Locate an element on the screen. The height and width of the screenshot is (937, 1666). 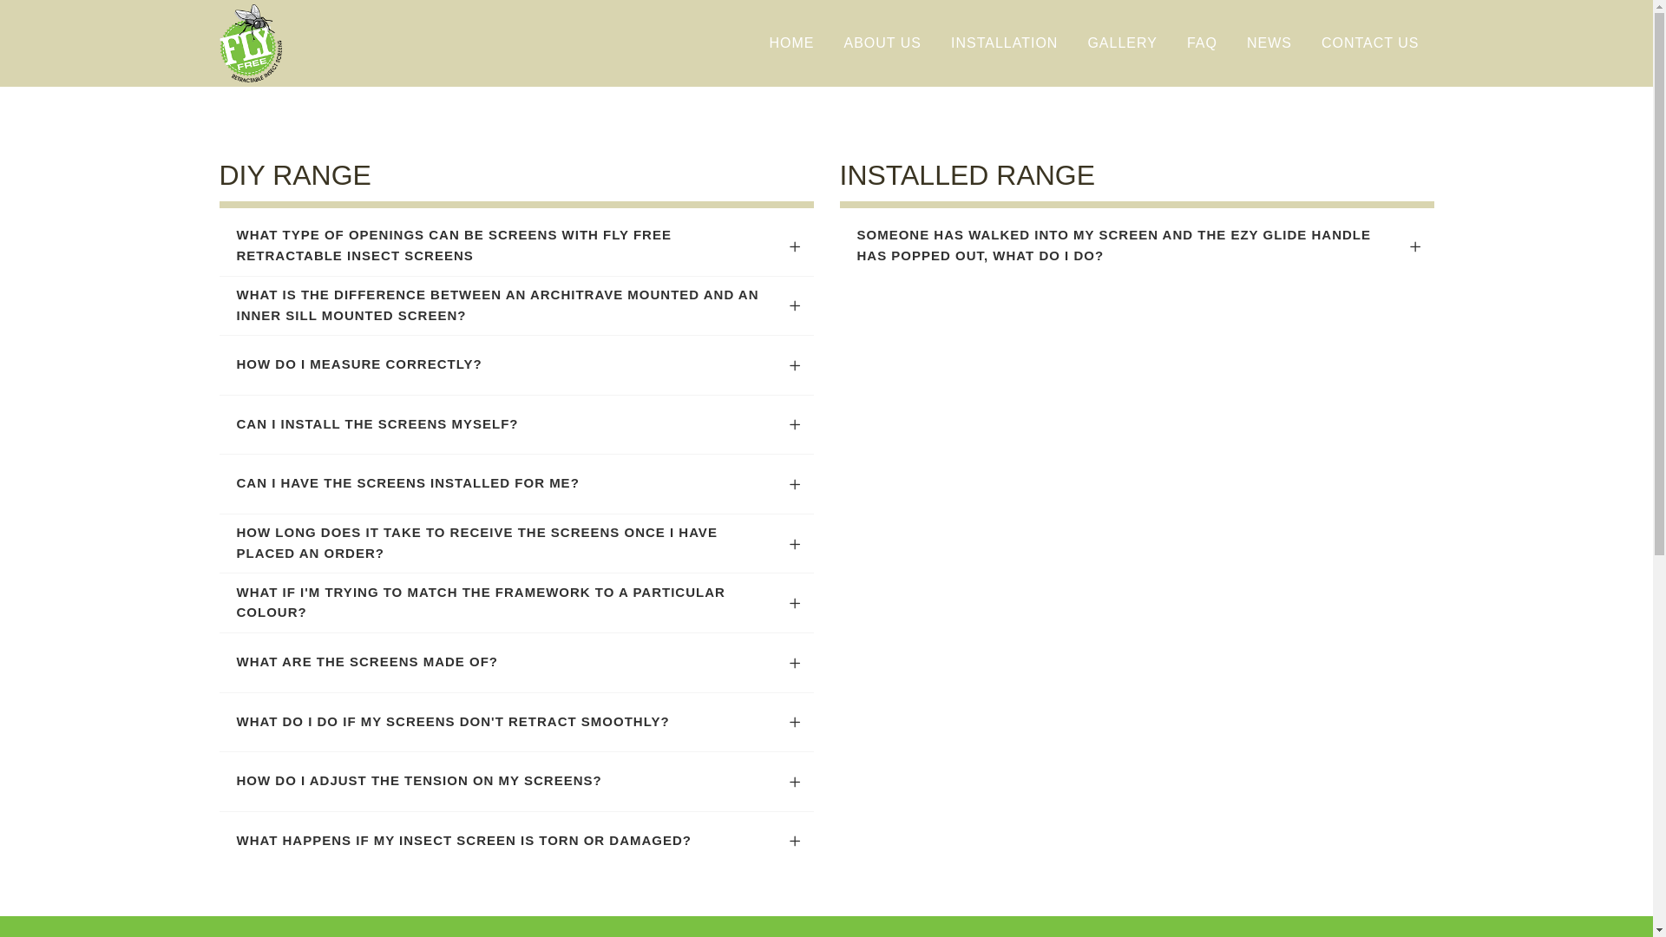
'FAQ' is located at coordinates (1201, 43).